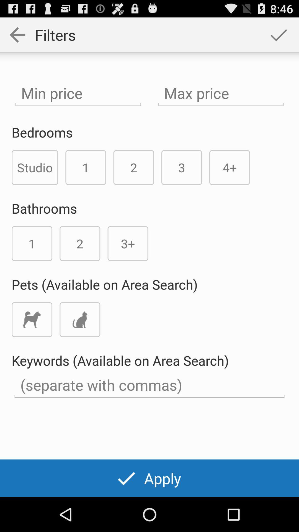 The image size is (299, 532). Describe the element at coordinates (35, 167) in the screenshot. I see `the icon next to 1` at that location.